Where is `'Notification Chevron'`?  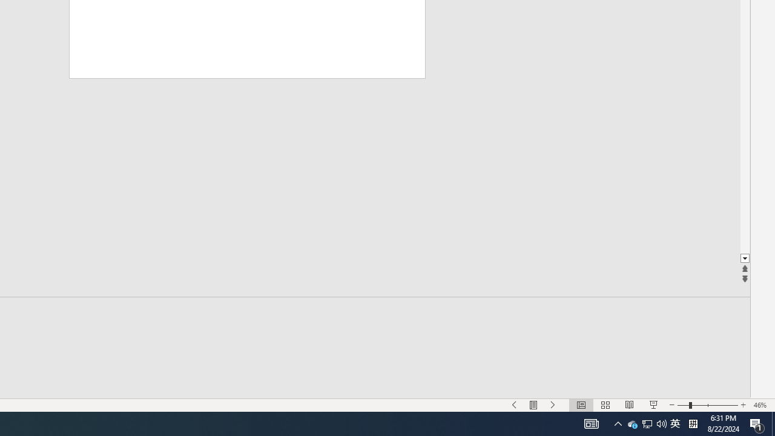 'Notification Chevron' is located at coordinates (647, 423).